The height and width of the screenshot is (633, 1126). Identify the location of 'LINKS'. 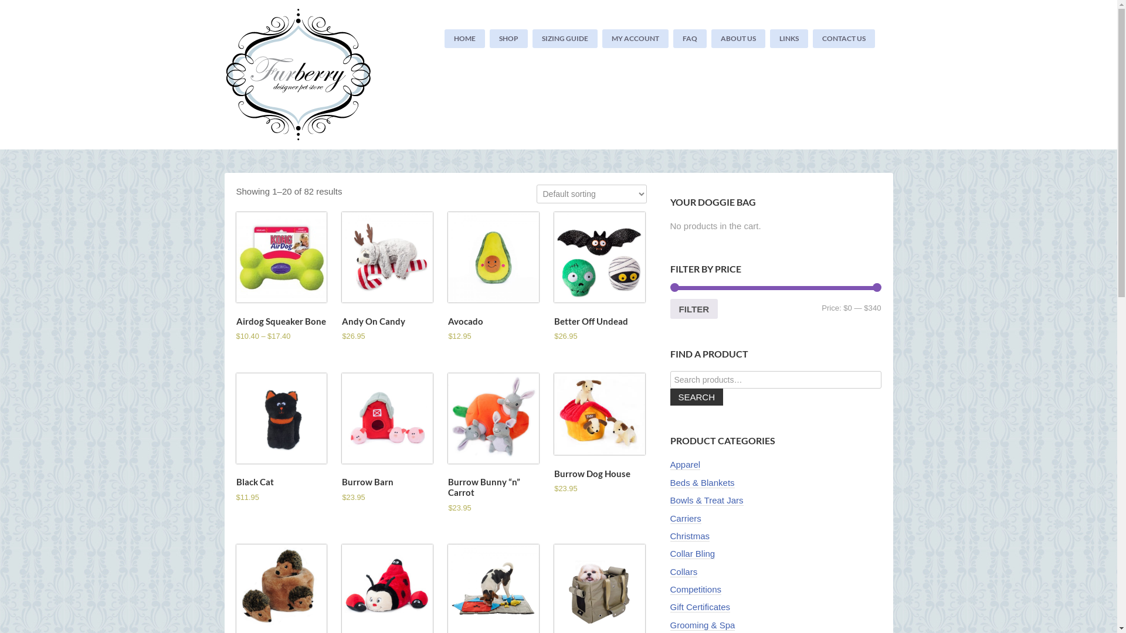
(789, 38).